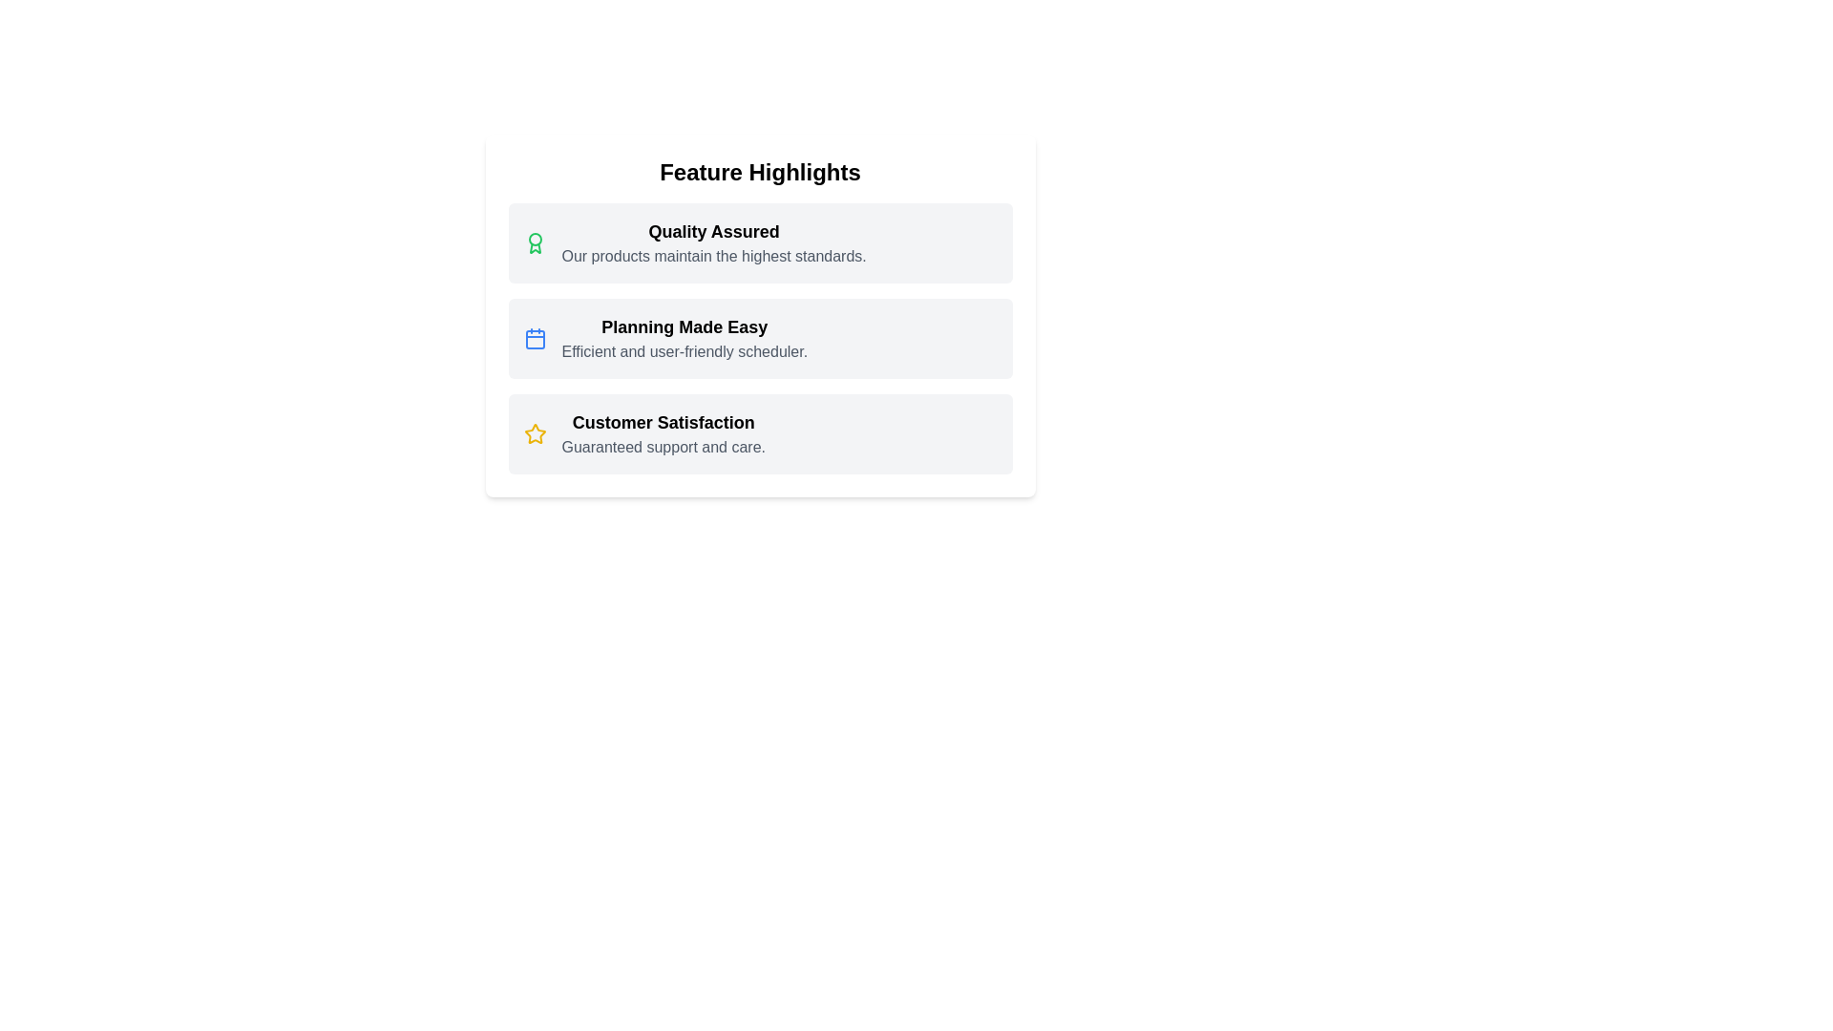  What do you see at coordinates (713, 242) in the screenshot?
I see `the Text block that displays a feature highlight of the product, emphasizing quality assurance, located under the section titled 'Feature Highlights'` at bounding box center [713, 242].